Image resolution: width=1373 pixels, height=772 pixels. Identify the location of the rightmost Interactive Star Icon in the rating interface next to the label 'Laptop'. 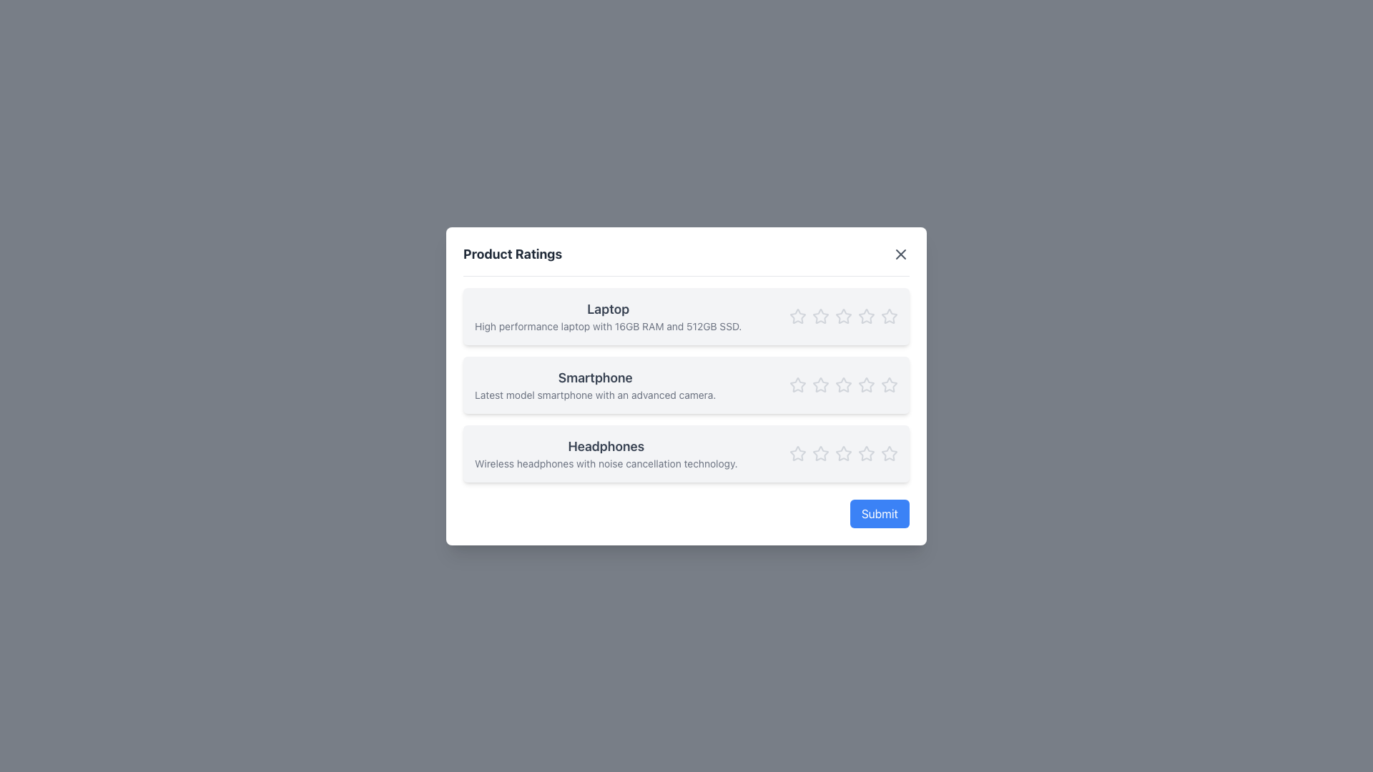
(888, 315).